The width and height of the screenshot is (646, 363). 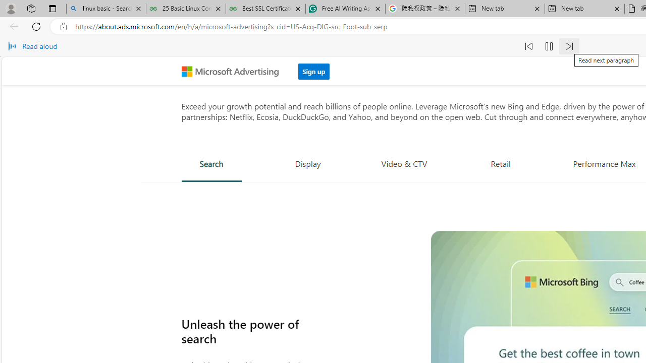 I want to click on 'Retail', so click(x=501, y=163).